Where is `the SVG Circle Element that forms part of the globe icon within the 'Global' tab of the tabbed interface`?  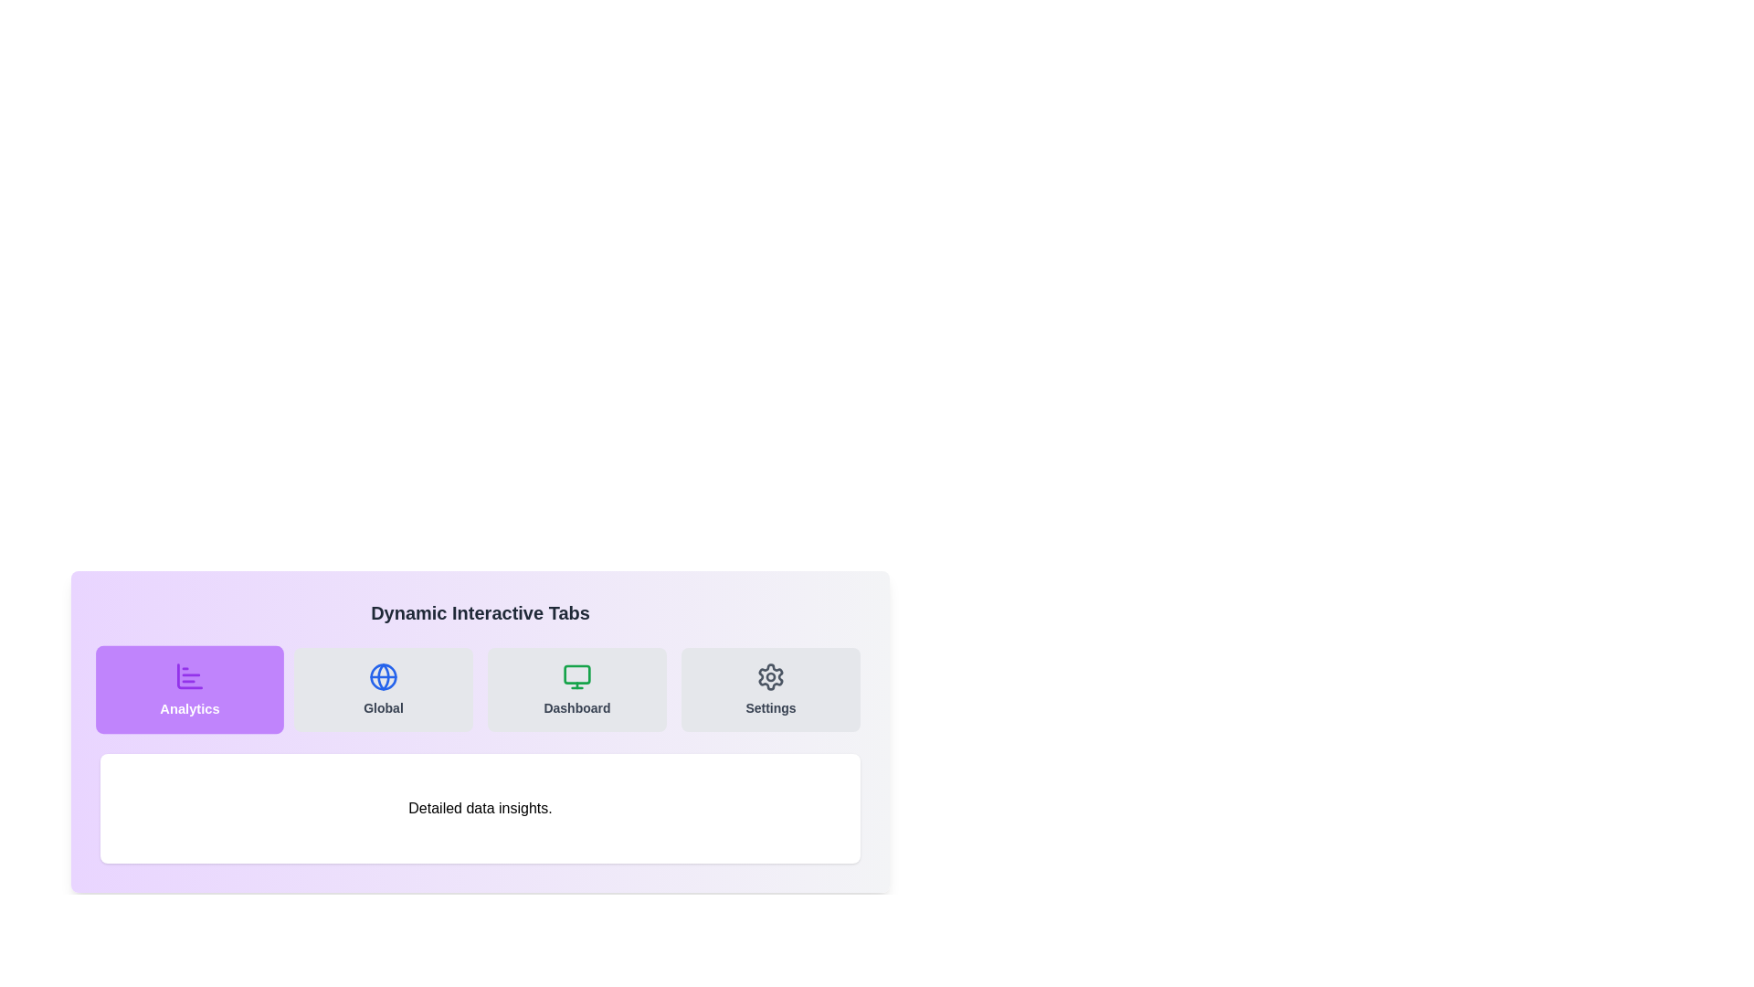 the SVG Circle Element that forms part of the globe icon within the 'Global' tab of the tabbed interface is located at coordinates (383, 676).